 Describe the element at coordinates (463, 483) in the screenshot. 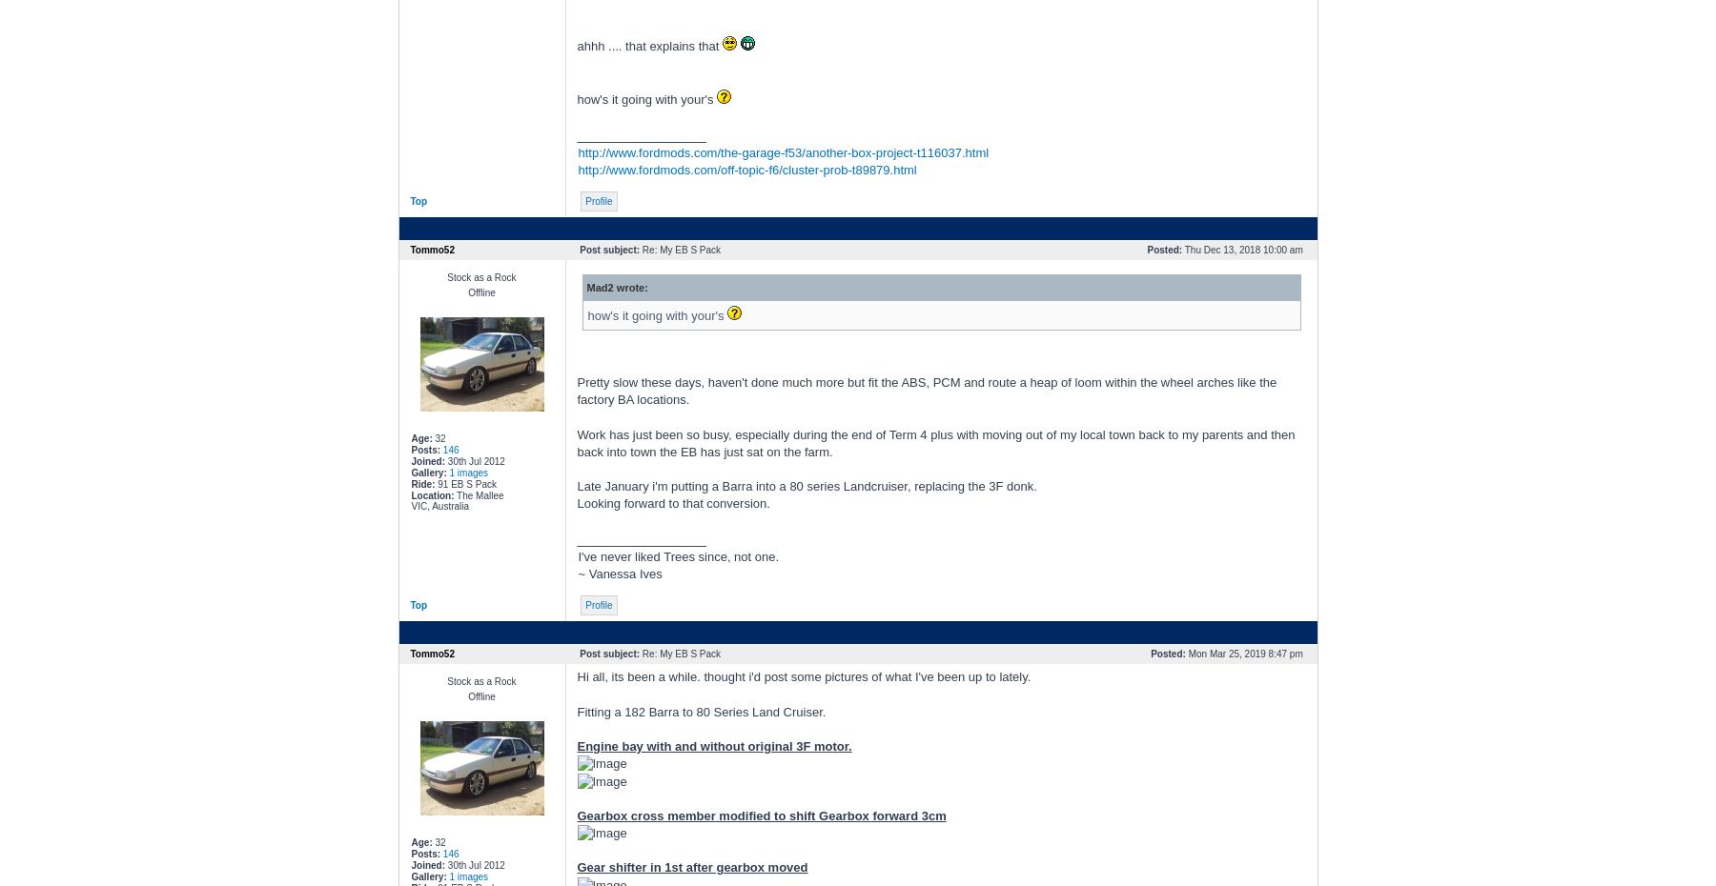

I see `'91 EB S Pack'` at that location.